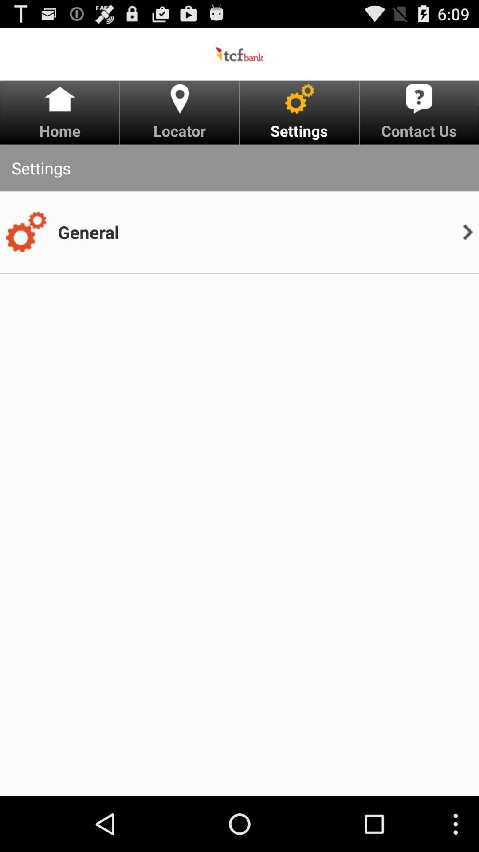 Image resolution: width=479 pixels, height=852 pixels. Describe the element at coordinates (88, 232) in the screenshot. I see `general app` at that location.